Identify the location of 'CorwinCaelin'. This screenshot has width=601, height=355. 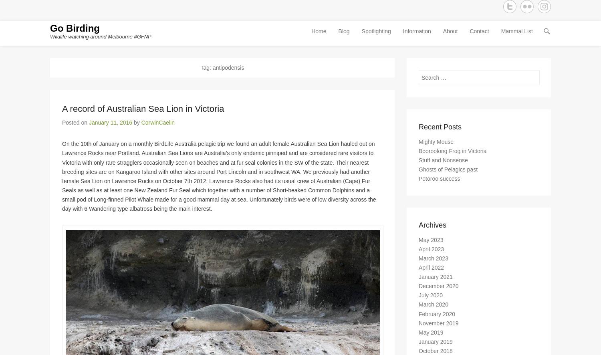
(157, 125).